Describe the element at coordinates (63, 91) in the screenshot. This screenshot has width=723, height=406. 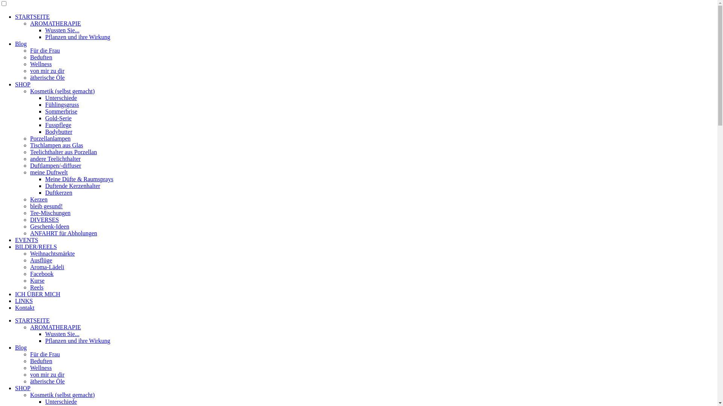
I see `'Kosmetik (selbst gemacht)'` at that location.